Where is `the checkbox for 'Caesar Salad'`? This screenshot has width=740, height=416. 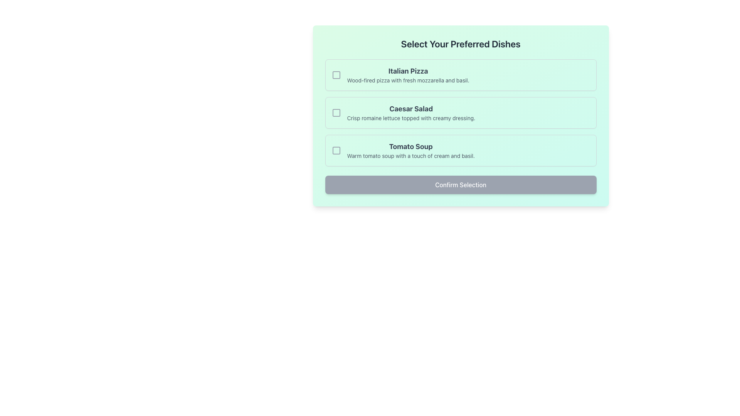 the checkbox for 'Caesar Salad' is located at coordinates (336, 113).